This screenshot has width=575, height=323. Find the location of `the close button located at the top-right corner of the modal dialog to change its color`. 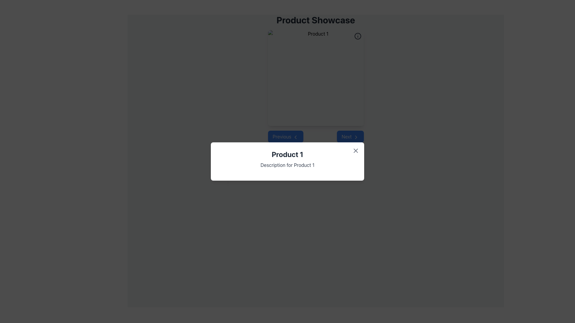

the close button located at the top-right corner of the modal dialog to change its color is located at coordinates (356, 150).